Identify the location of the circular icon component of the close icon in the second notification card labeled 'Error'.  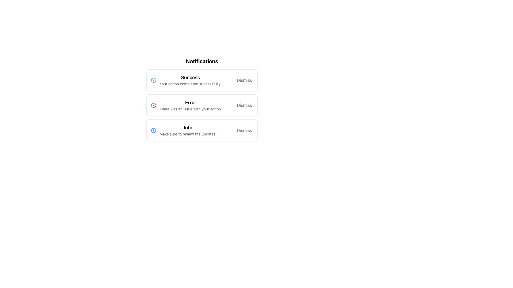
(153, 105).